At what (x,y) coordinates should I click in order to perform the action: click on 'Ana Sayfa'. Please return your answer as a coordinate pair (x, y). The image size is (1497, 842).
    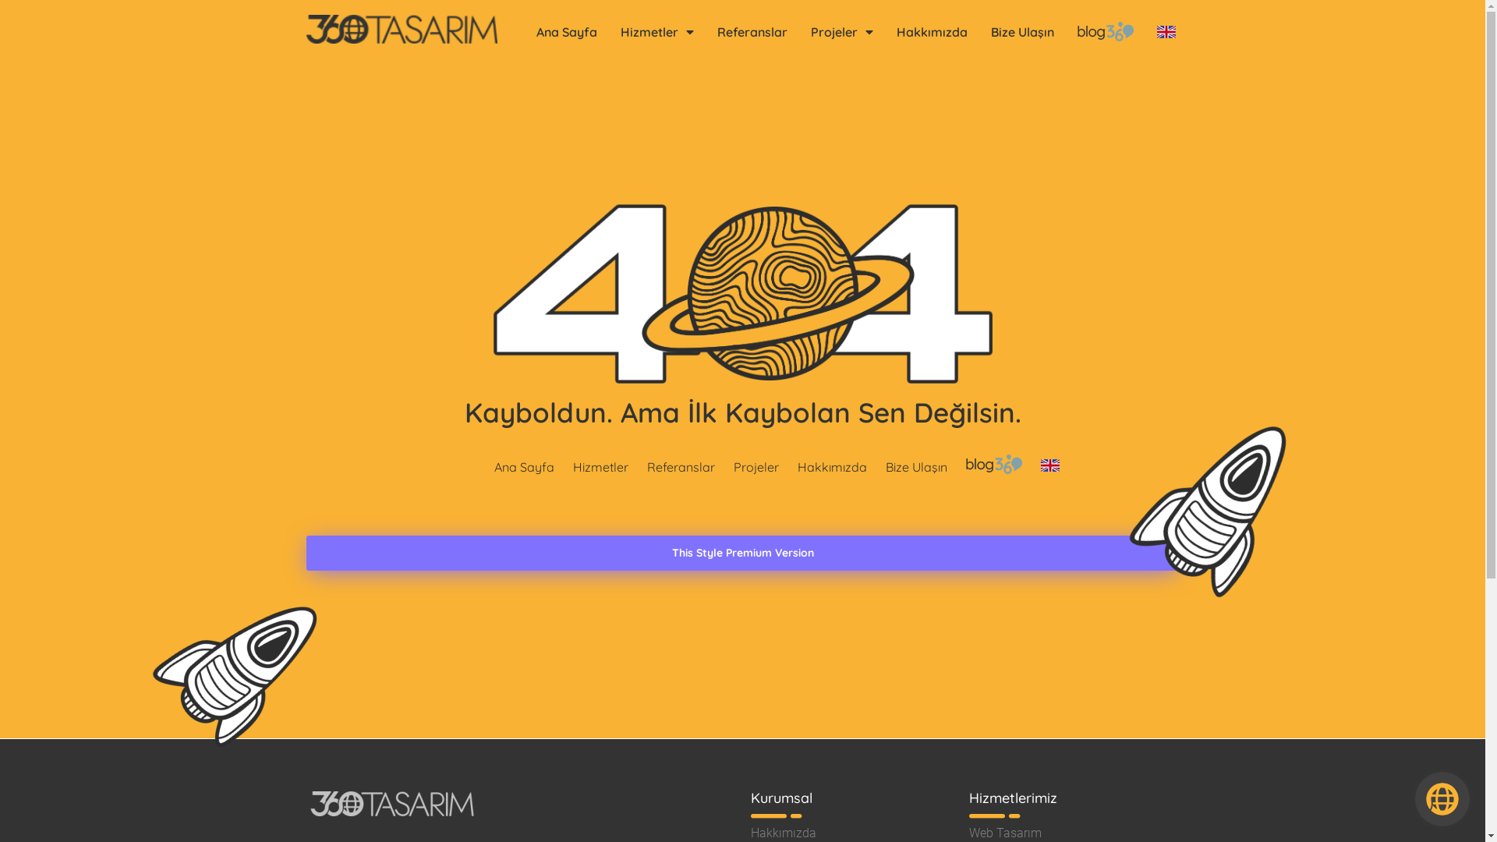
    Looking at the image, I should click on (564, 31).